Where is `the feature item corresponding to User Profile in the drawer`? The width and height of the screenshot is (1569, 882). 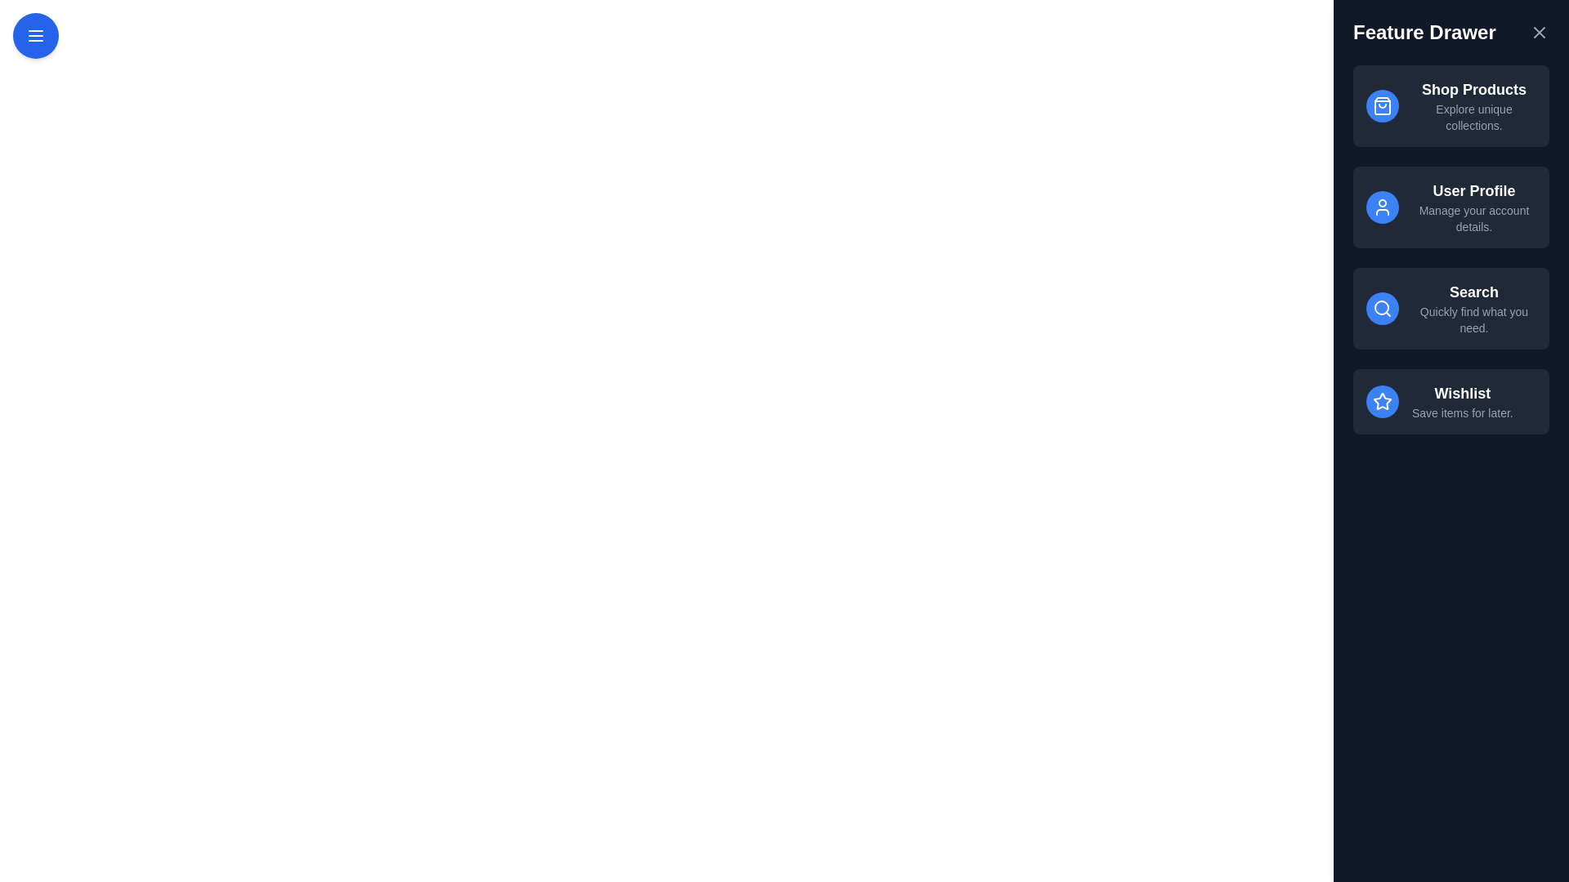
the feature item corresponding to User Profile in the drawer is located at coordinates (1451, 207).